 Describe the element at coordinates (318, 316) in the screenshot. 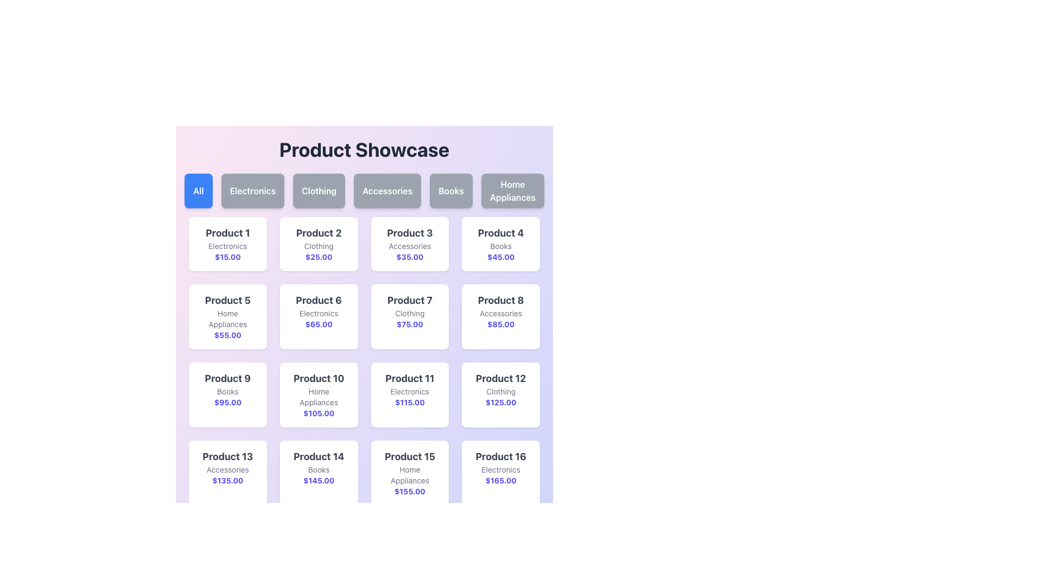

I see `the product display card located in the second row and third column of the grid, which serves as an informational display for users` at that location.